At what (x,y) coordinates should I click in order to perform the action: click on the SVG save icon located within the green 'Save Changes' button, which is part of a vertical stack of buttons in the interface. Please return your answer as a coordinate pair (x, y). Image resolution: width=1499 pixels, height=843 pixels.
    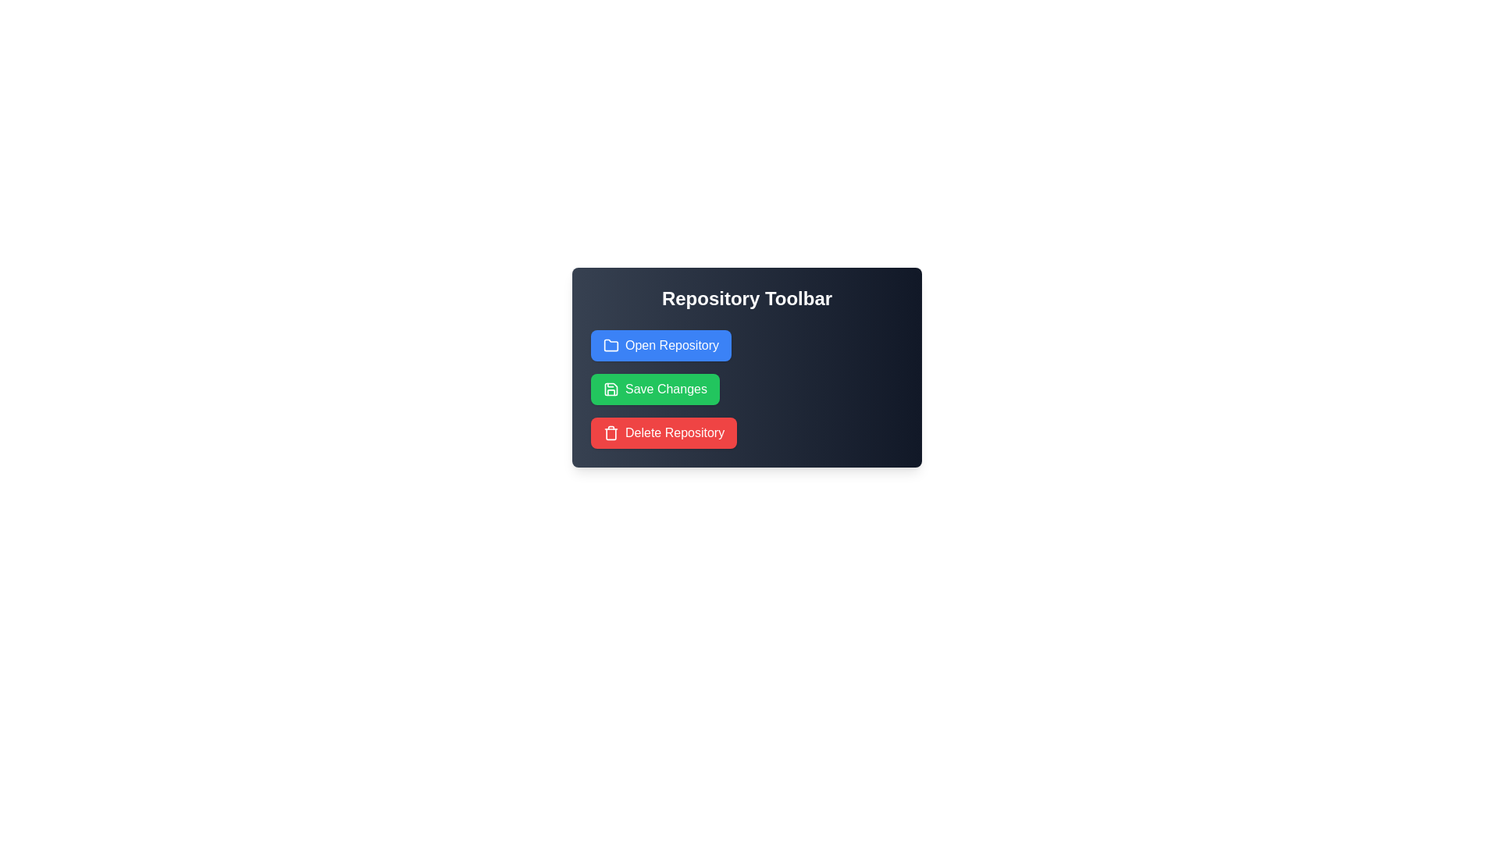
    Looking at the image, I should click on (610, 388).